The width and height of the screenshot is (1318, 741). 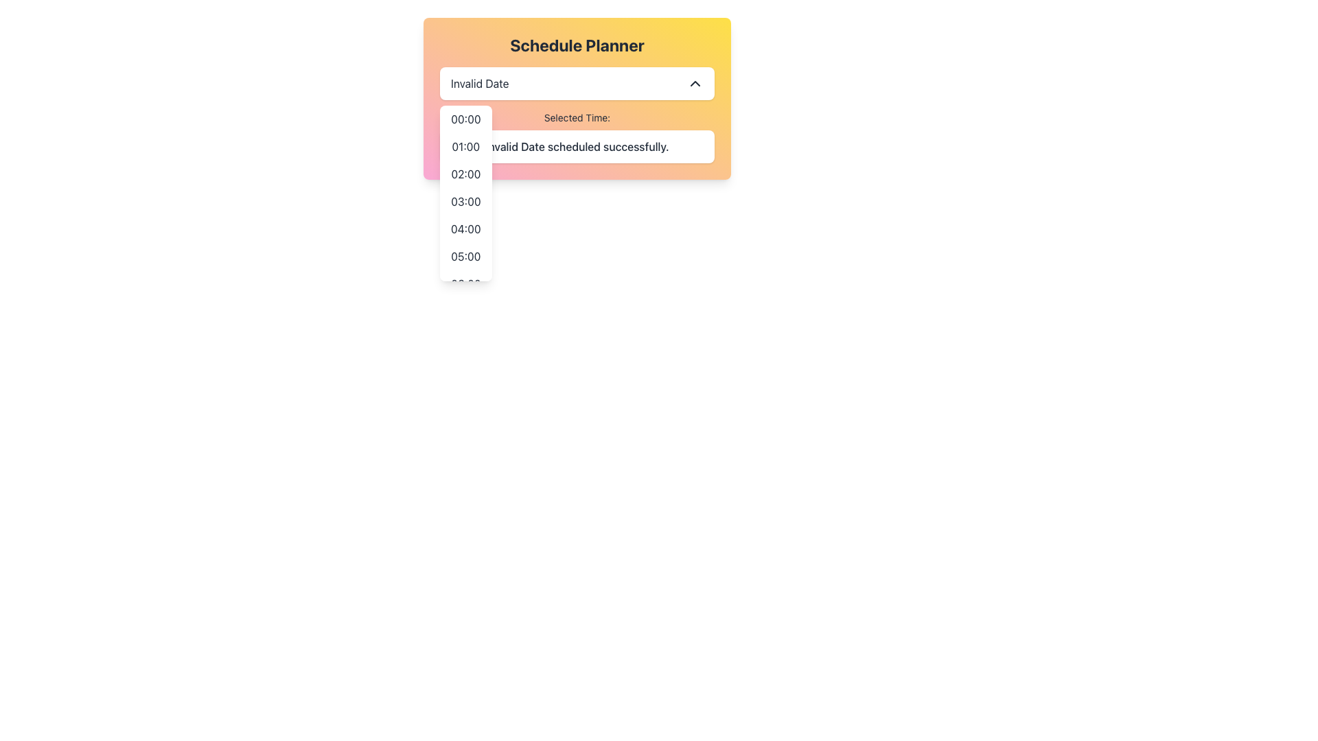 I want to click on the fourth item in the dropdown menu labeled '03:00', which is styled with a white background and rounded corners, so click(x=465, y=193).